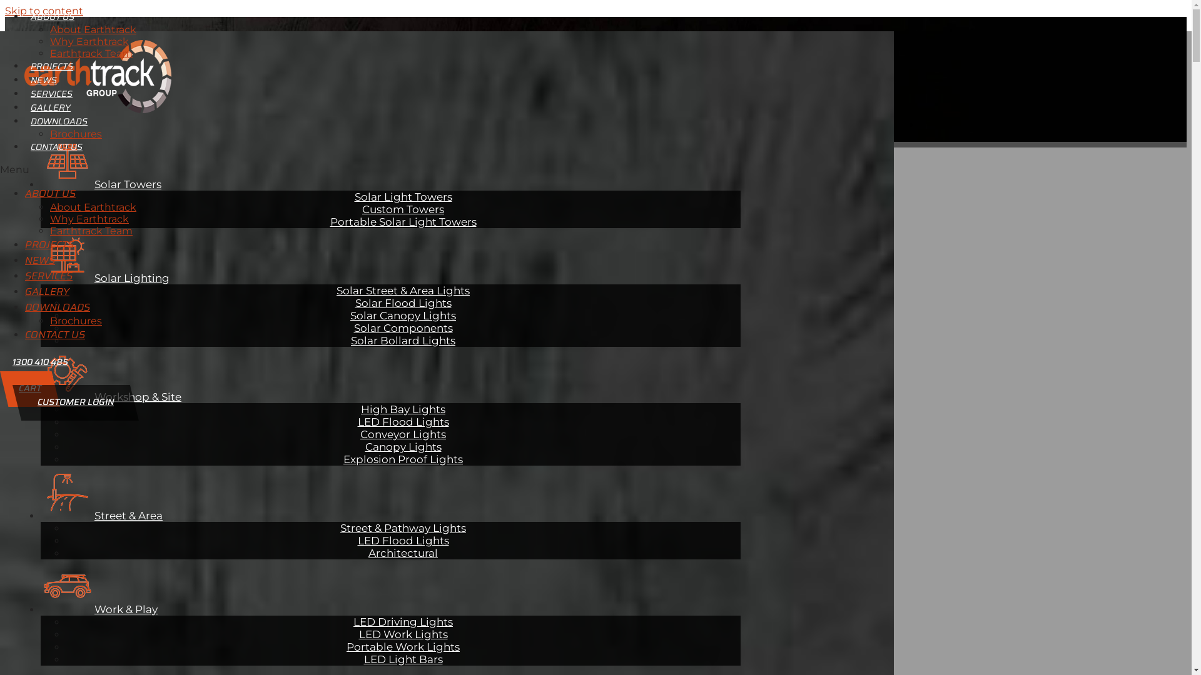 This screenshot has height=675, width=1201. What do you see at coordinates (403, 289) in the screenshot?
I see `'Solar Street & Area Lights'` at bounding box center [403, 289].